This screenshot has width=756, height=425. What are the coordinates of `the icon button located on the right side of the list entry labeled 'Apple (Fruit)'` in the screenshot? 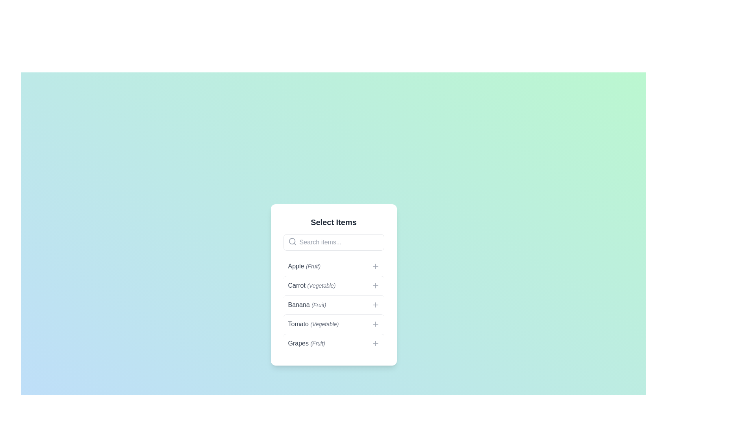 It's located at (375, 266).